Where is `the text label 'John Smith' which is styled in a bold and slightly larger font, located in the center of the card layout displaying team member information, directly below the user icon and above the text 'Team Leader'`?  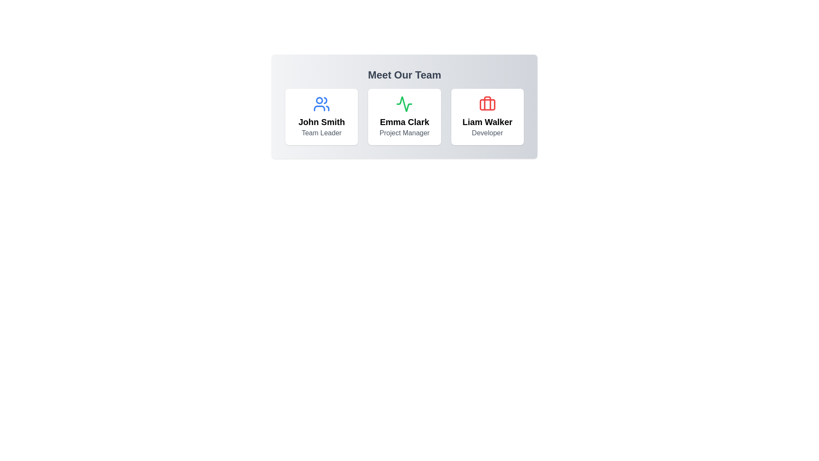 the text label 'John Smith' which is styled in a bold and slightly larger font, located in the center of the card layout displaying team member information, directly below the user icon and above the text 'Team Leader' is located at coordinates (321, 122).